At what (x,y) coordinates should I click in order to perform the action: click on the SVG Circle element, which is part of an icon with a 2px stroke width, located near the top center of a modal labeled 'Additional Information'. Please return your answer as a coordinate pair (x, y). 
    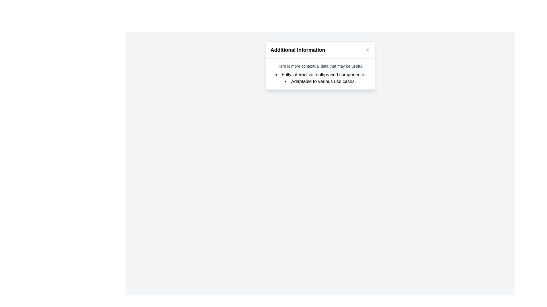
    Looking at the image, I should click on (305, 47).